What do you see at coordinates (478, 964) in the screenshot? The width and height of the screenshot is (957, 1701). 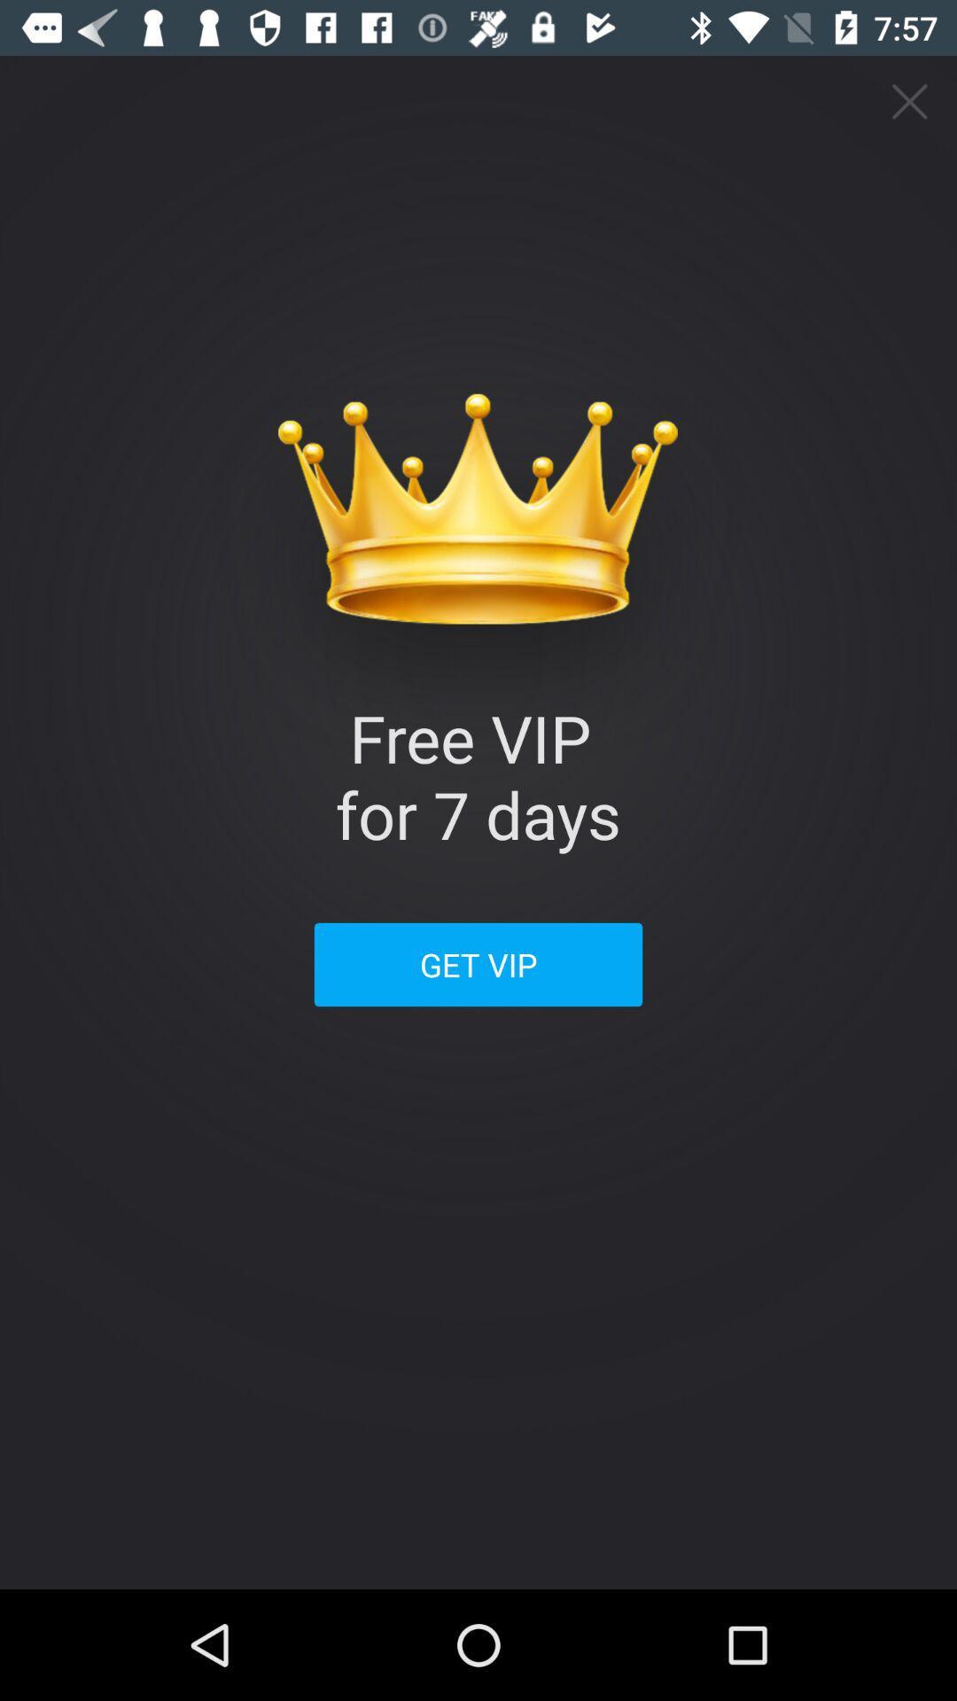 I see `app below free vip for` at bounding box center [478, 964].